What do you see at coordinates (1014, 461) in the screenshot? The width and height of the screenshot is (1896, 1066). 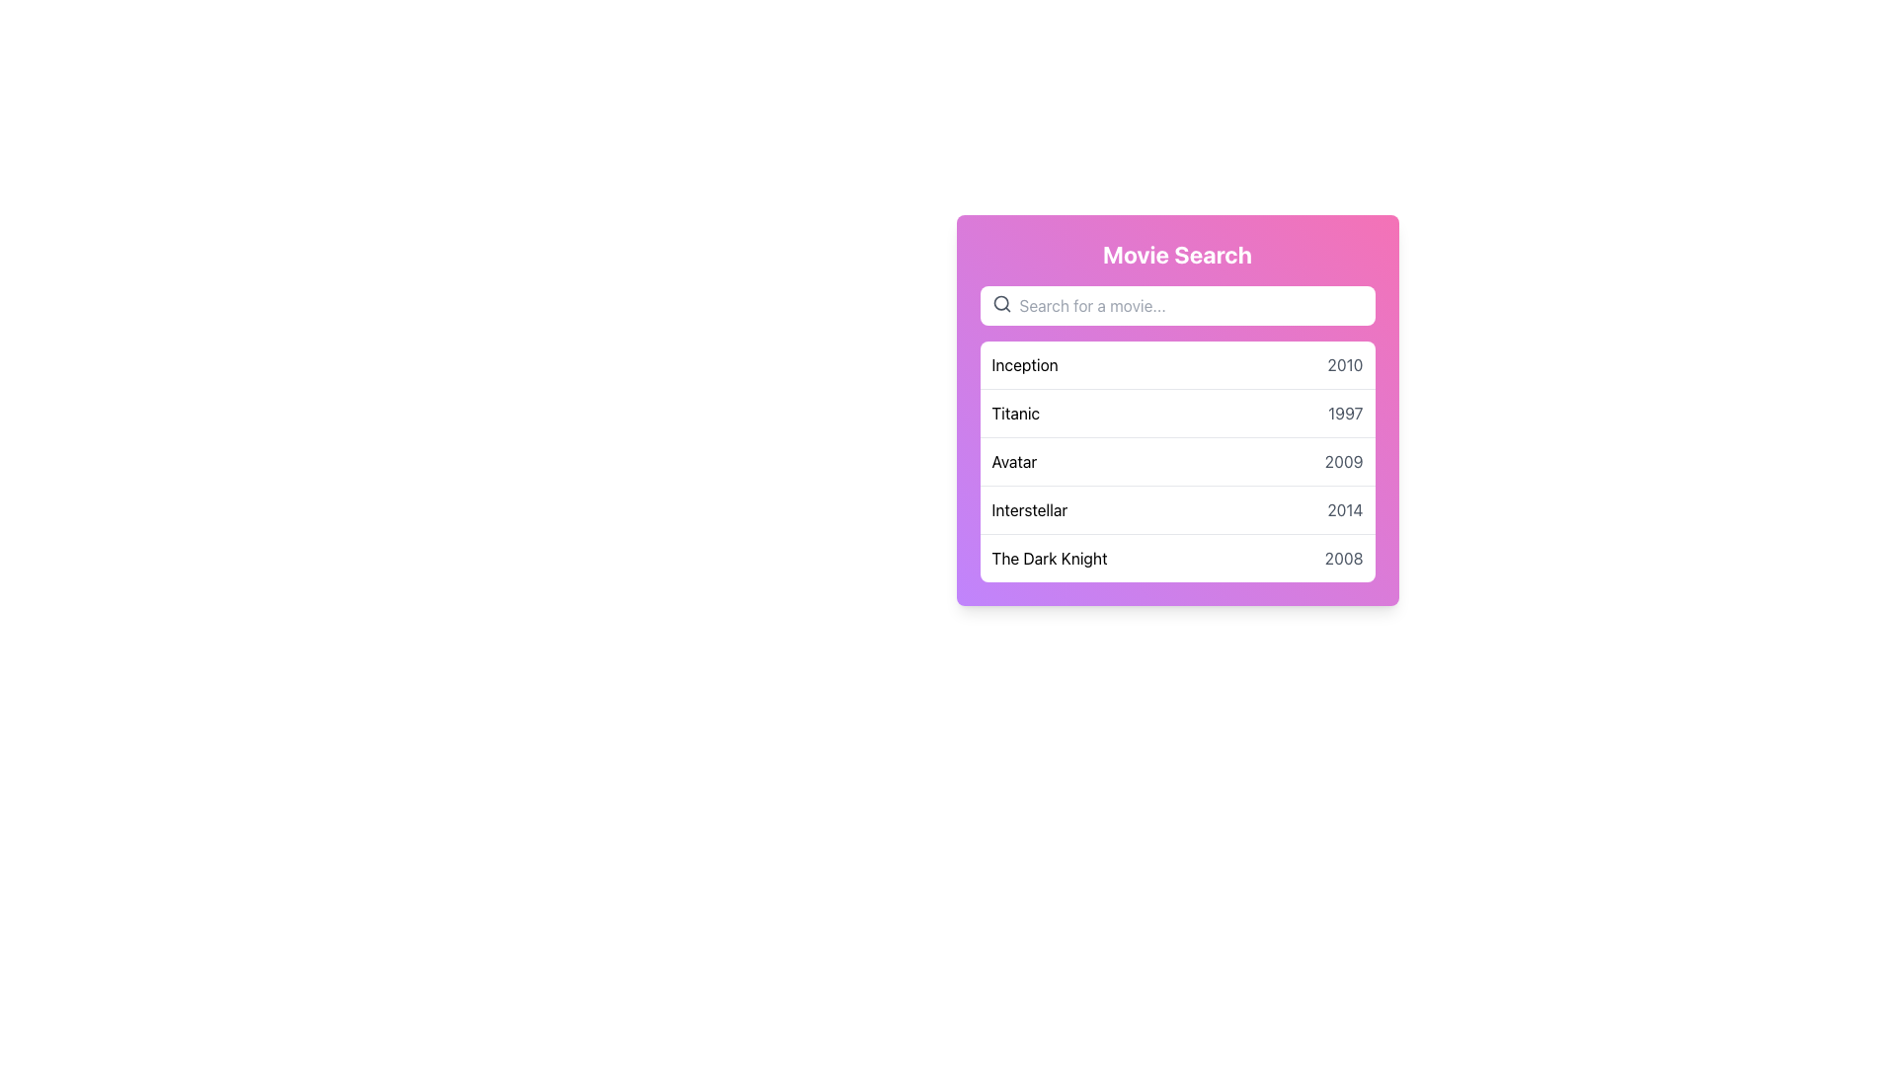 I see `the text label 'Avatar' which is displayed in bold, black font in the third row of the list under 'Movie Search'` at bounding box center [1014, 461].